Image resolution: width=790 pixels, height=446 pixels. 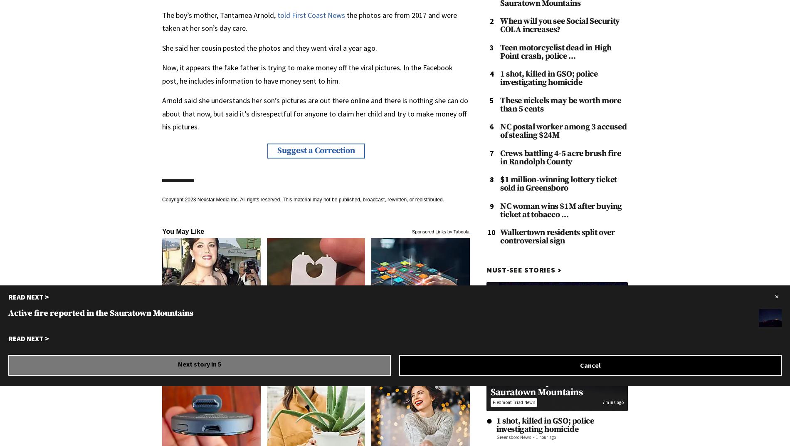 I want to click on 'Walkertown residents split over controversial sign', so click(x=557, y=236).